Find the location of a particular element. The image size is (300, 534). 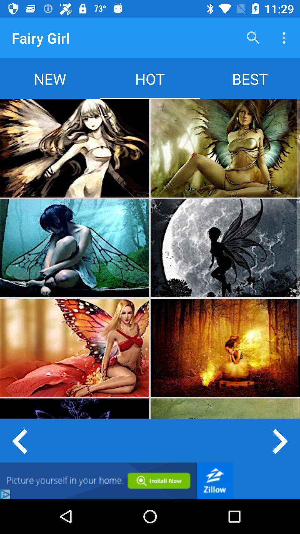

next is located at coordinates (281, 440).